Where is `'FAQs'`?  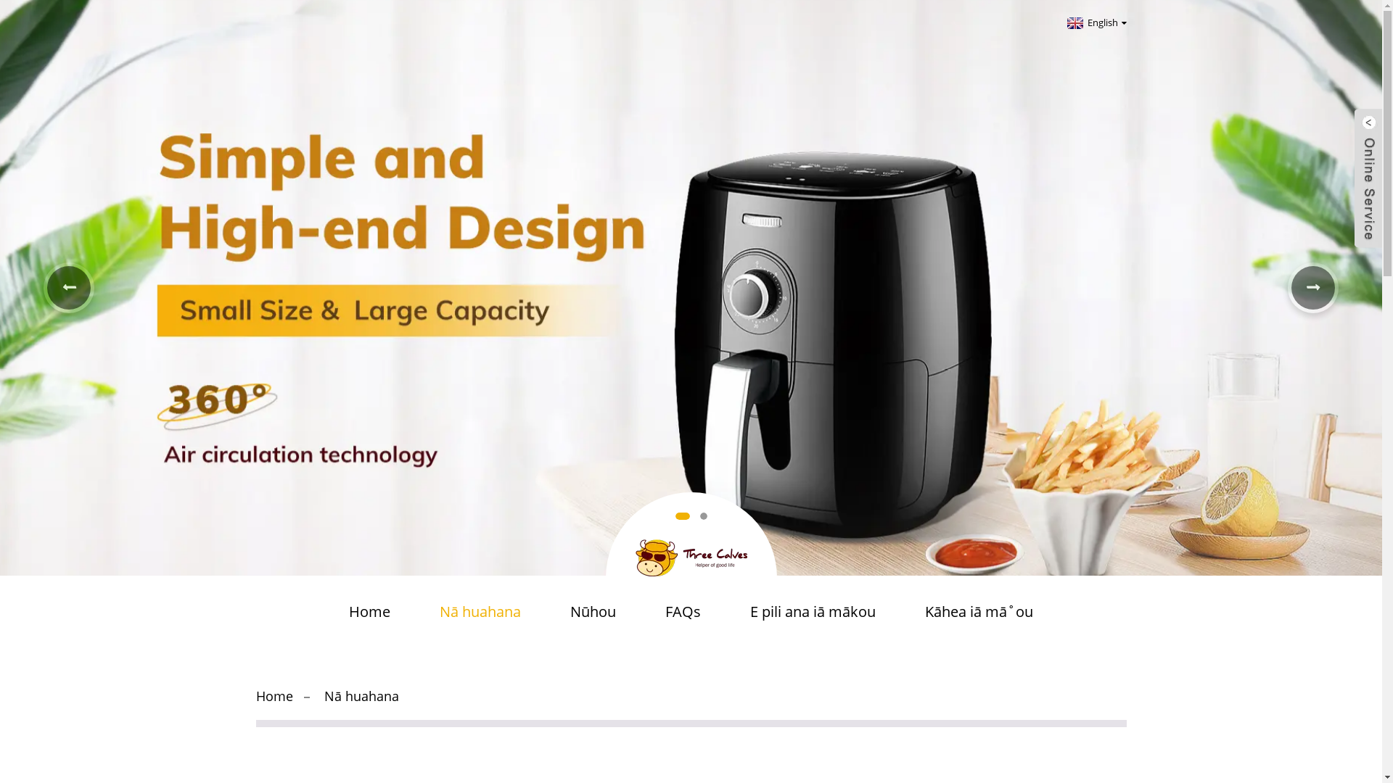
'FAQs' is located at coordinates (682, 612).